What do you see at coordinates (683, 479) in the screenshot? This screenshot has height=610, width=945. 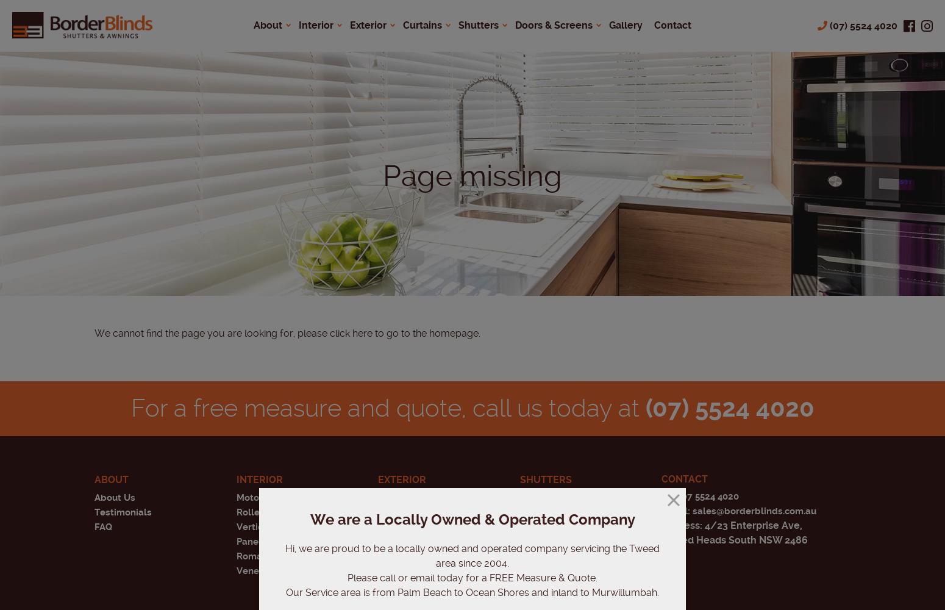 I see `'Contact'` at bounding box center [683, 479].